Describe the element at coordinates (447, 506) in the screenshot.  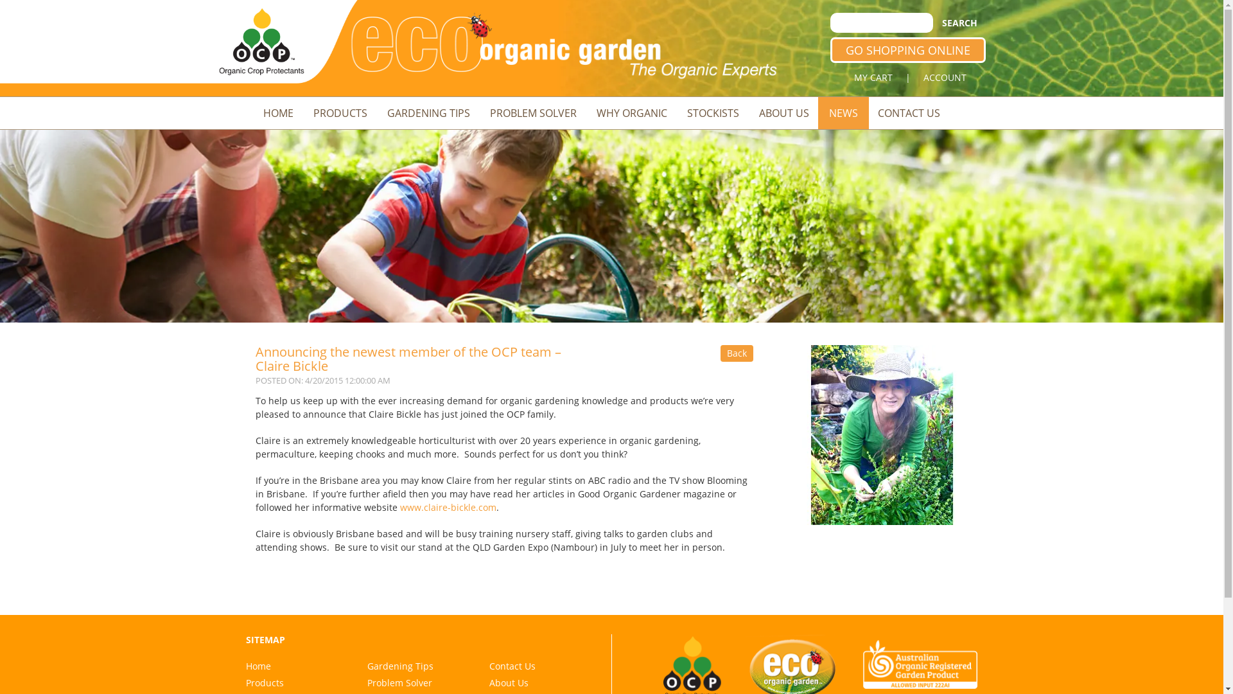
I see `'www.claire-bickle.com'` at that location.